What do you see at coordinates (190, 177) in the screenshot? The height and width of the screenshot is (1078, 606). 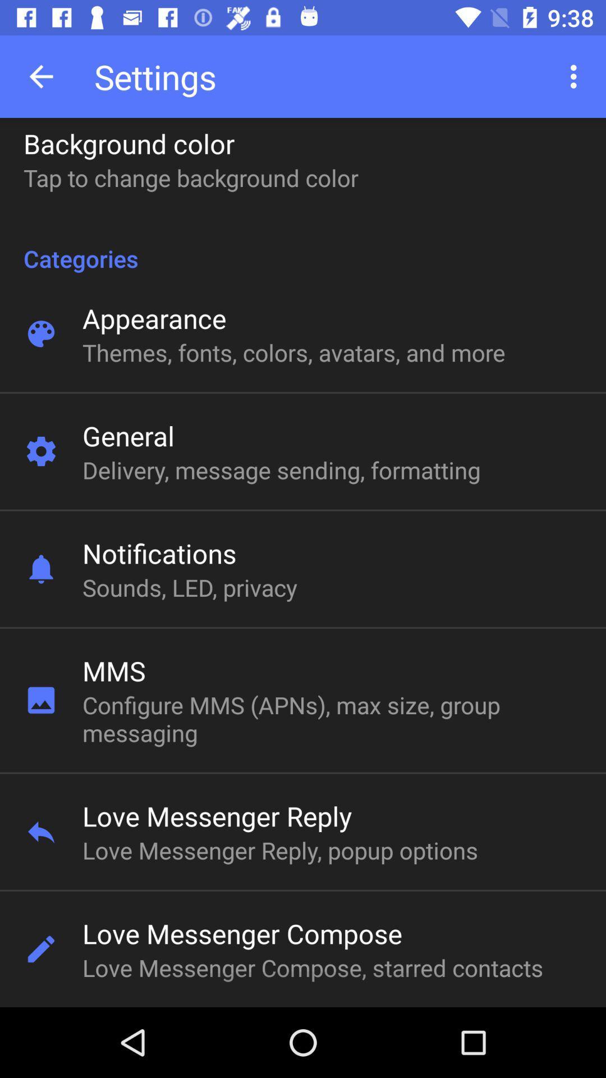 I see `the tap to change icon` at bounding box center [190, 177].